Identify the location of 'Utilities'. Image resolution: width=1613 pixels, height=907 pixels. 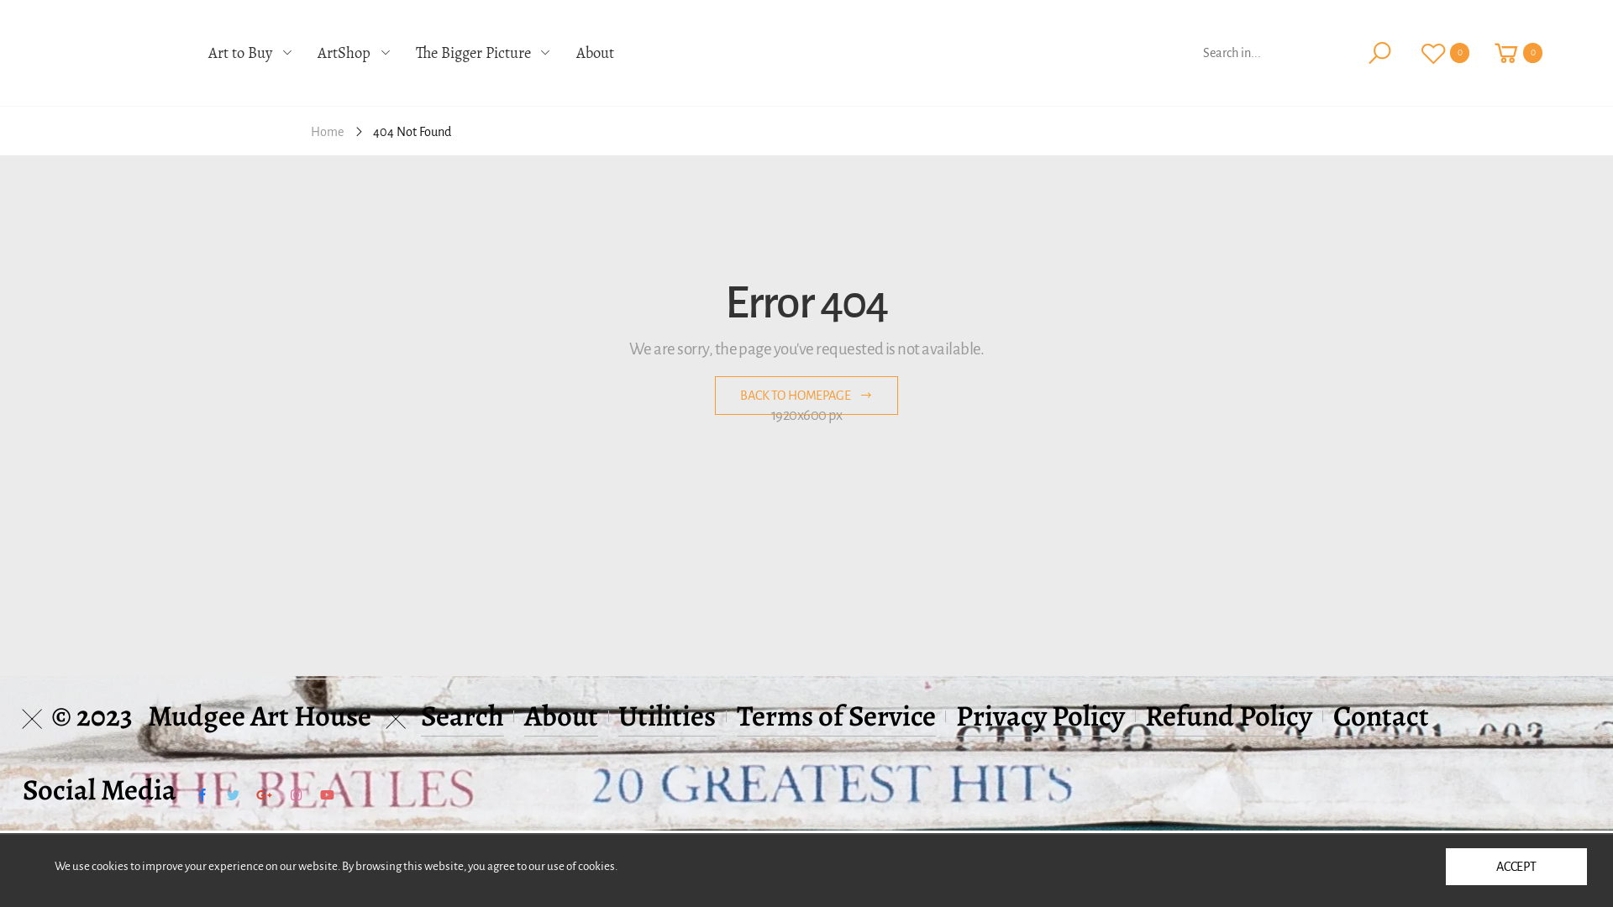
(665, 716).